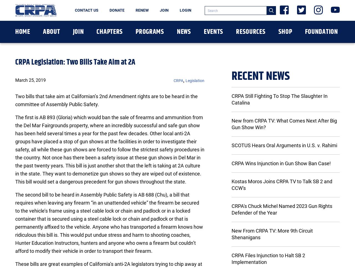 This screenshot has height=270, width=355. What do you see at coordinates (117, 10) in the screenshot?
I see `'Donate'` at bounding box center [117, 10].